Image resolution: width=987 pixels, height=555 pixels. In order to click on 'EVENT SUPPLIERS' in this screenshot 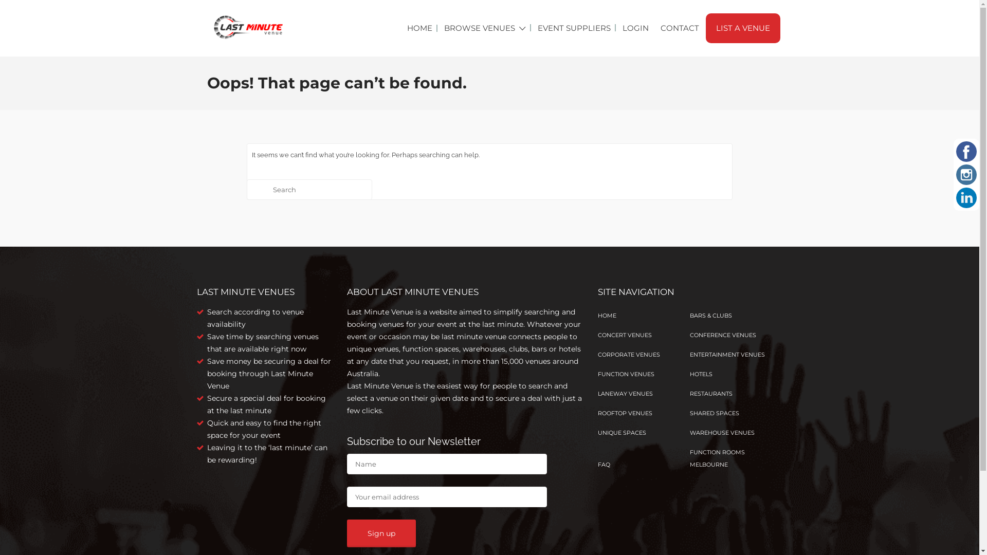, I will do `click(537, 27)`.